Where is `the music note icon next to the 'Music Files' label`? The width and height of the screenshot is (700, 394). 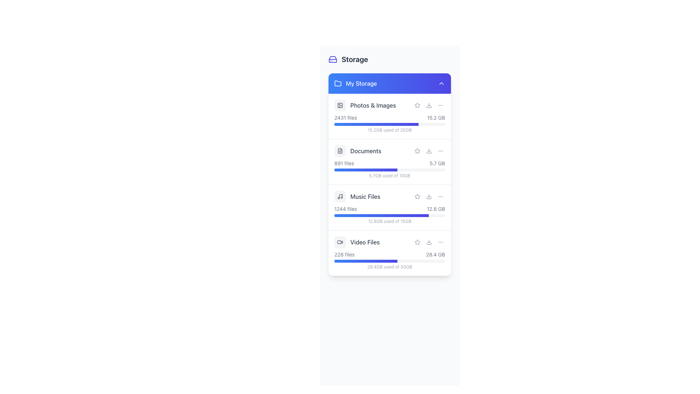
the music note icon next to the 'Music Files' label is located at coordinates (357, 196).